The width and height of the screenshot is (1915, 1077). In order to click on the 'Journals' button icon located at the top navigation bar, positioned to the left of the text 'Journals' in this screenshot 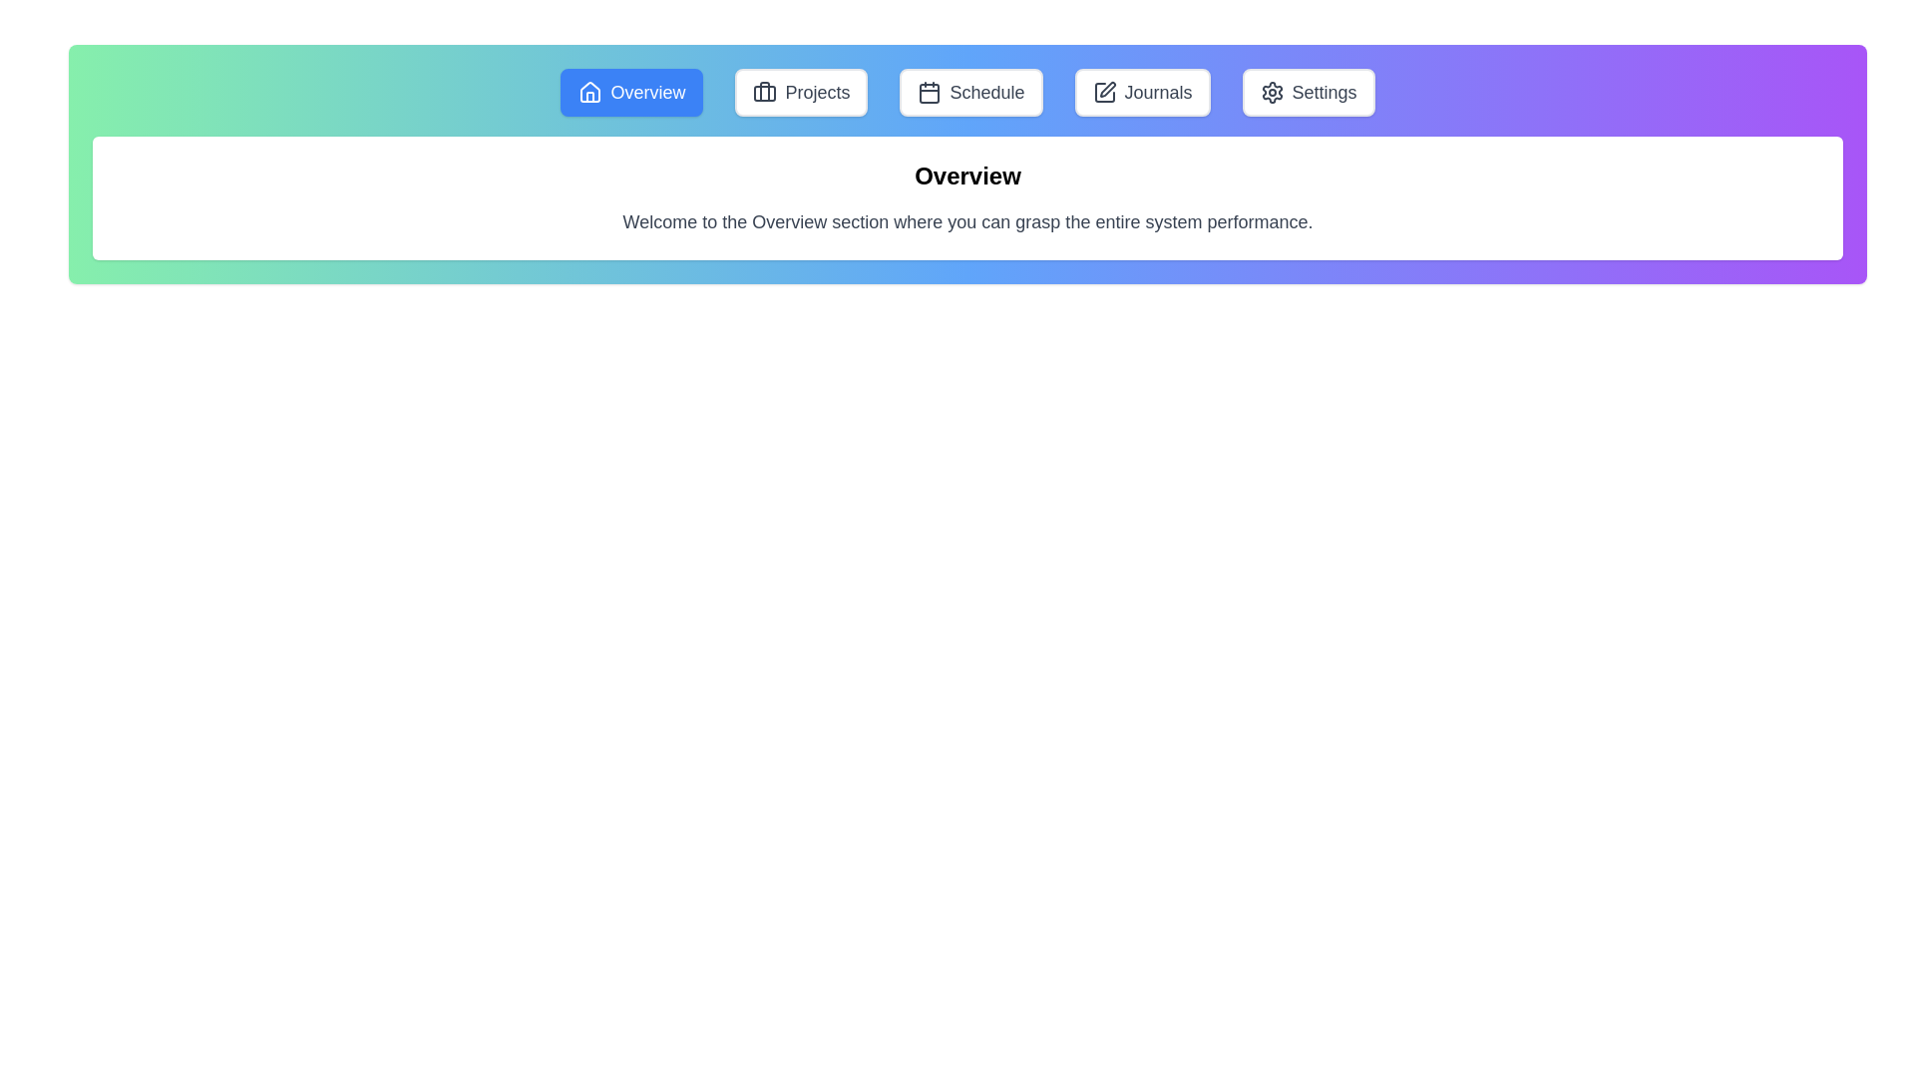, I will do `click(1103, 92)`.